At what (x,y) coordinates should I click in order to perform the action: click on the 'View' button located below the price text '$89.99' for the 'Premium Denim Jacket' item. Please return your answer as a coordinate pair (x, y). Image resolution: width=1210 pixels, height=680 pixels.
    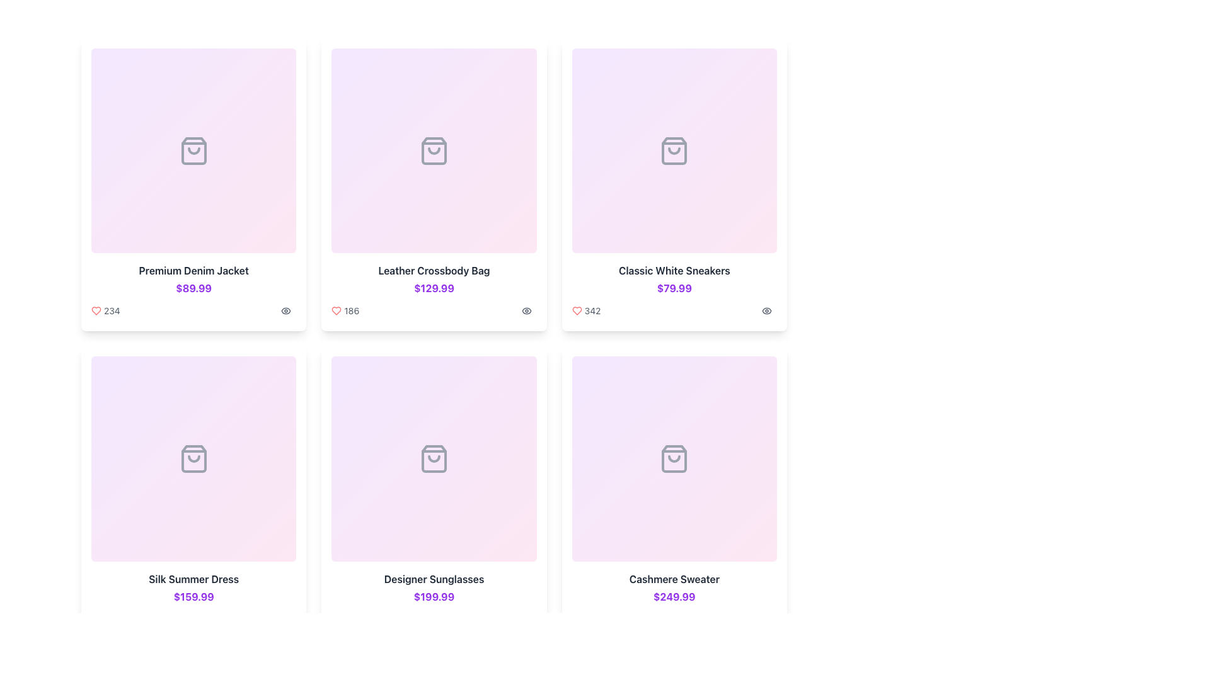
    Looking at the image, I should click on (285, 311).